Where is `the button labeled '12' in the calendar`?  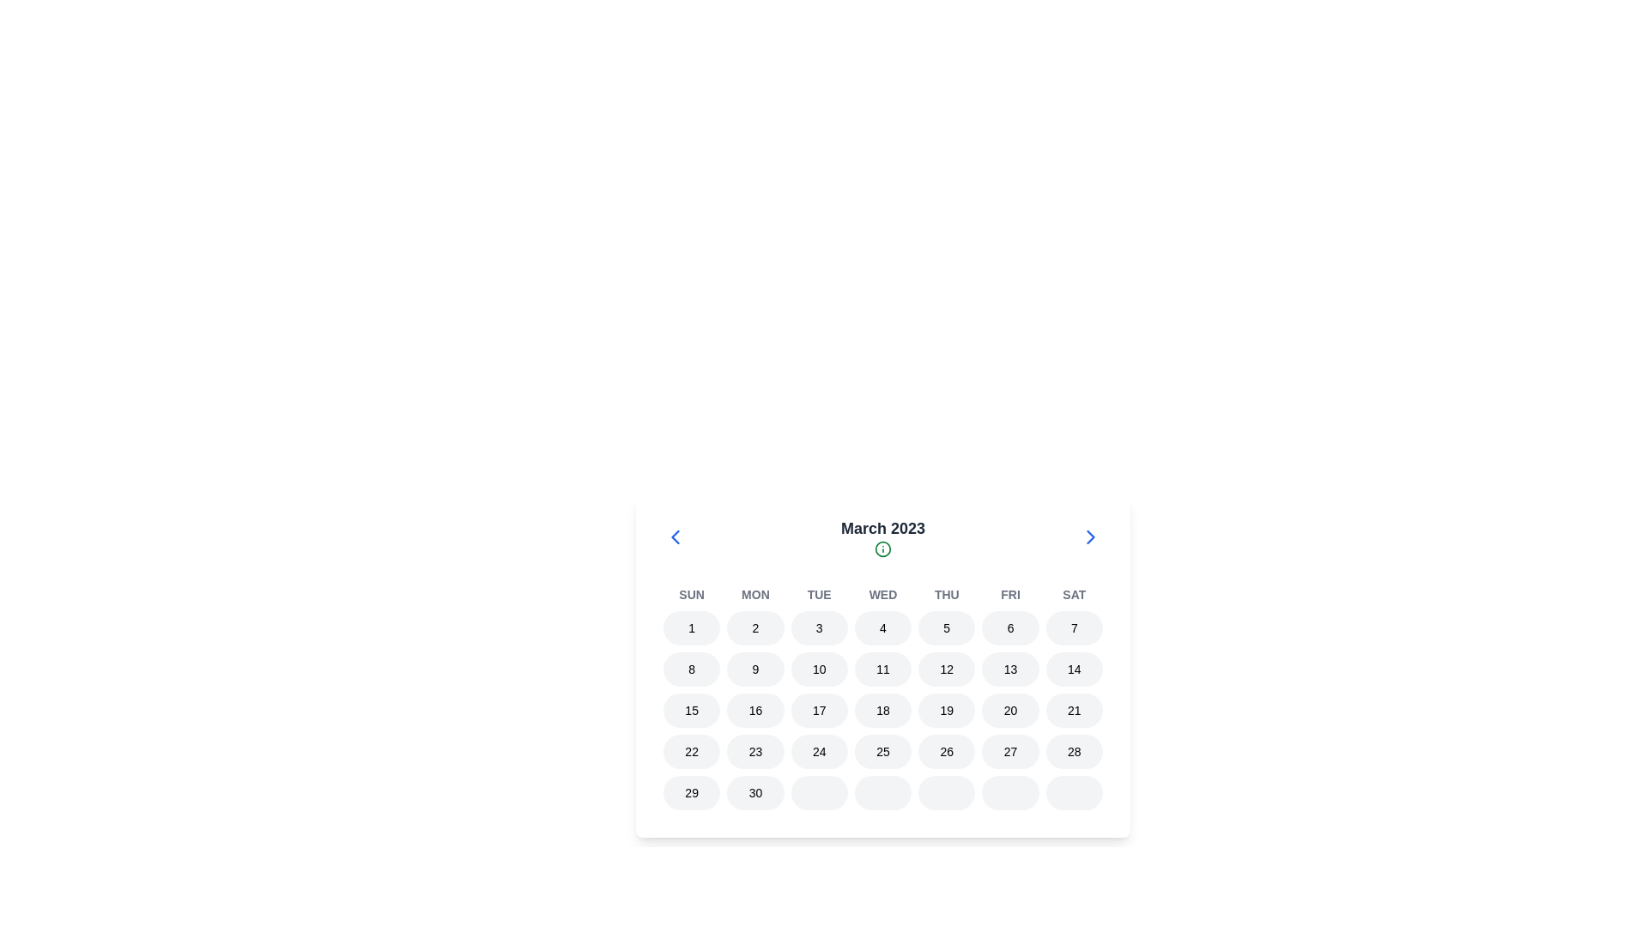 the button labeled '12' in the calendar is located at coordinates (946, 668).